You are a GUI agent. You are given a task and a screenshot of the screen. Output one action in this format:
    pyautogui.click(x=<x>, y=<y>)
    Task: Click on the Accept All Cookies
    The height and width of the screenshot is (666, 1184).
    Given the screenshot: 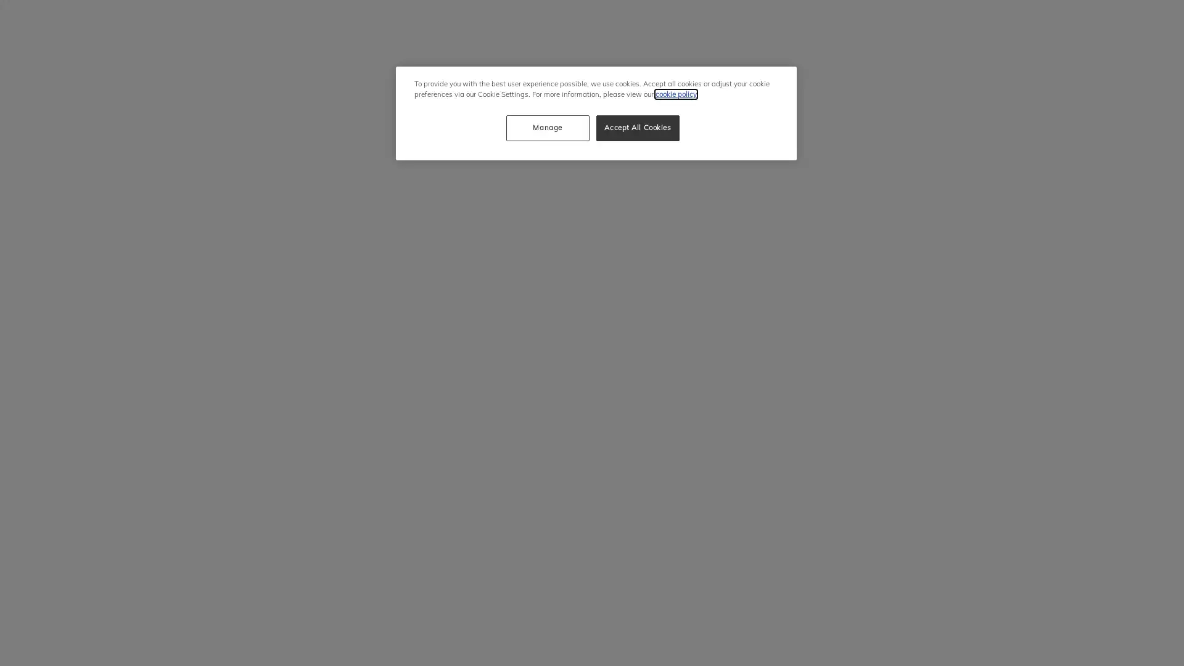 What is the action you would take?
    pyautogui.click(x=638, y=128)
    